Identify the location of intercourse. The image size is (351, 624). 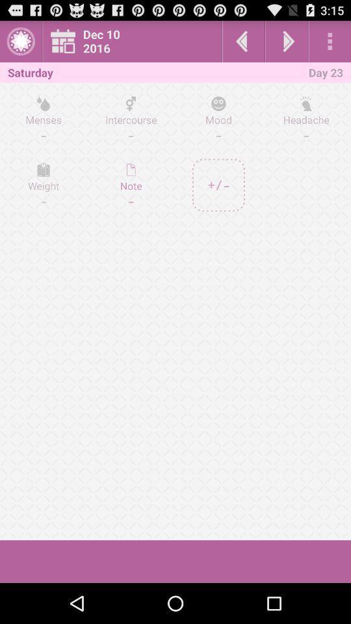
(131, 119).